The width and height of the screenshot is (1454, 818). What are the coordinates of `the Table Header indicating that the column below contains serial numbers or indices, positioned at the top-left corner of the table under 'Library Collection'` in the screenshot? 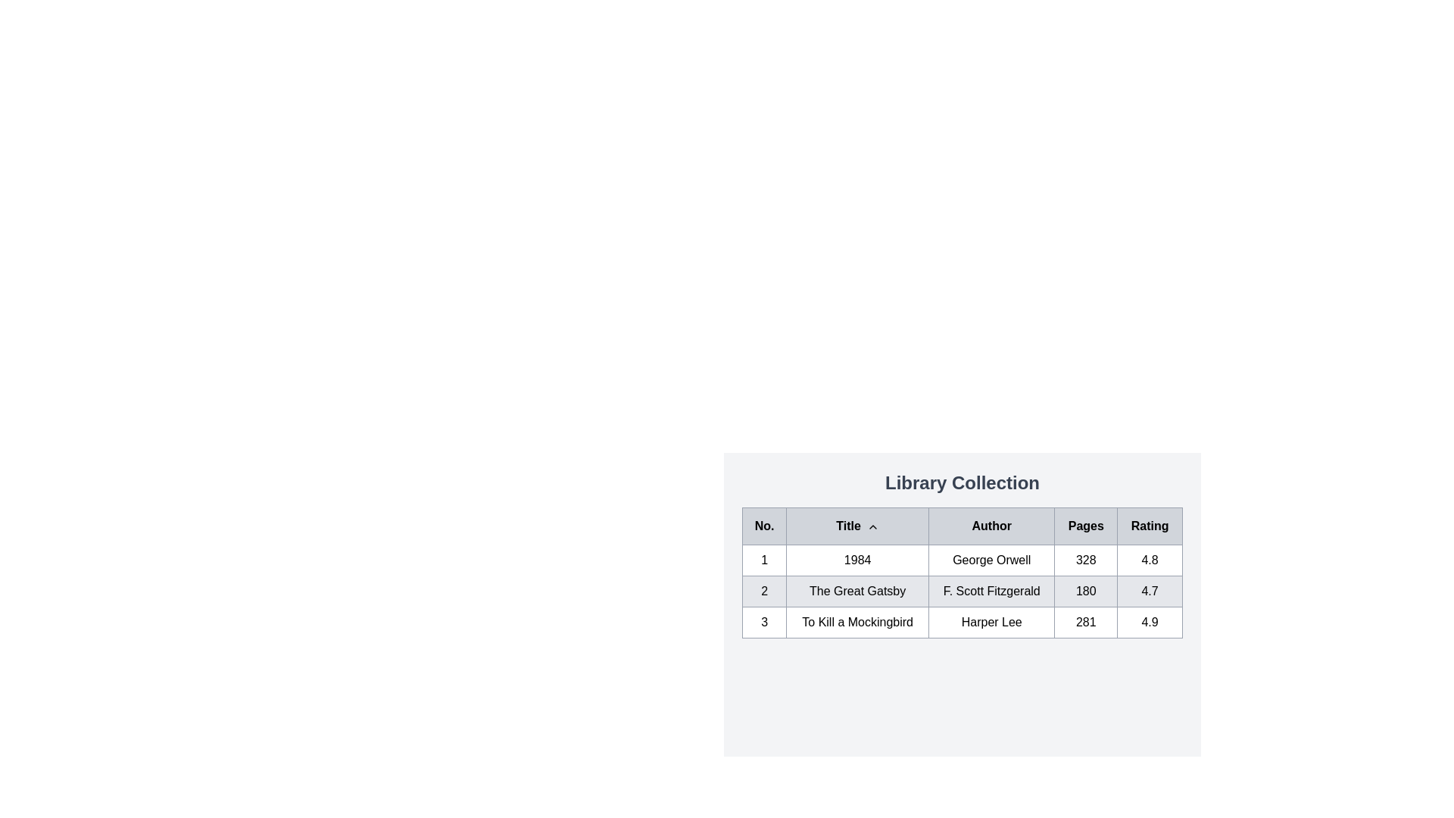 It's located at (764, 525).